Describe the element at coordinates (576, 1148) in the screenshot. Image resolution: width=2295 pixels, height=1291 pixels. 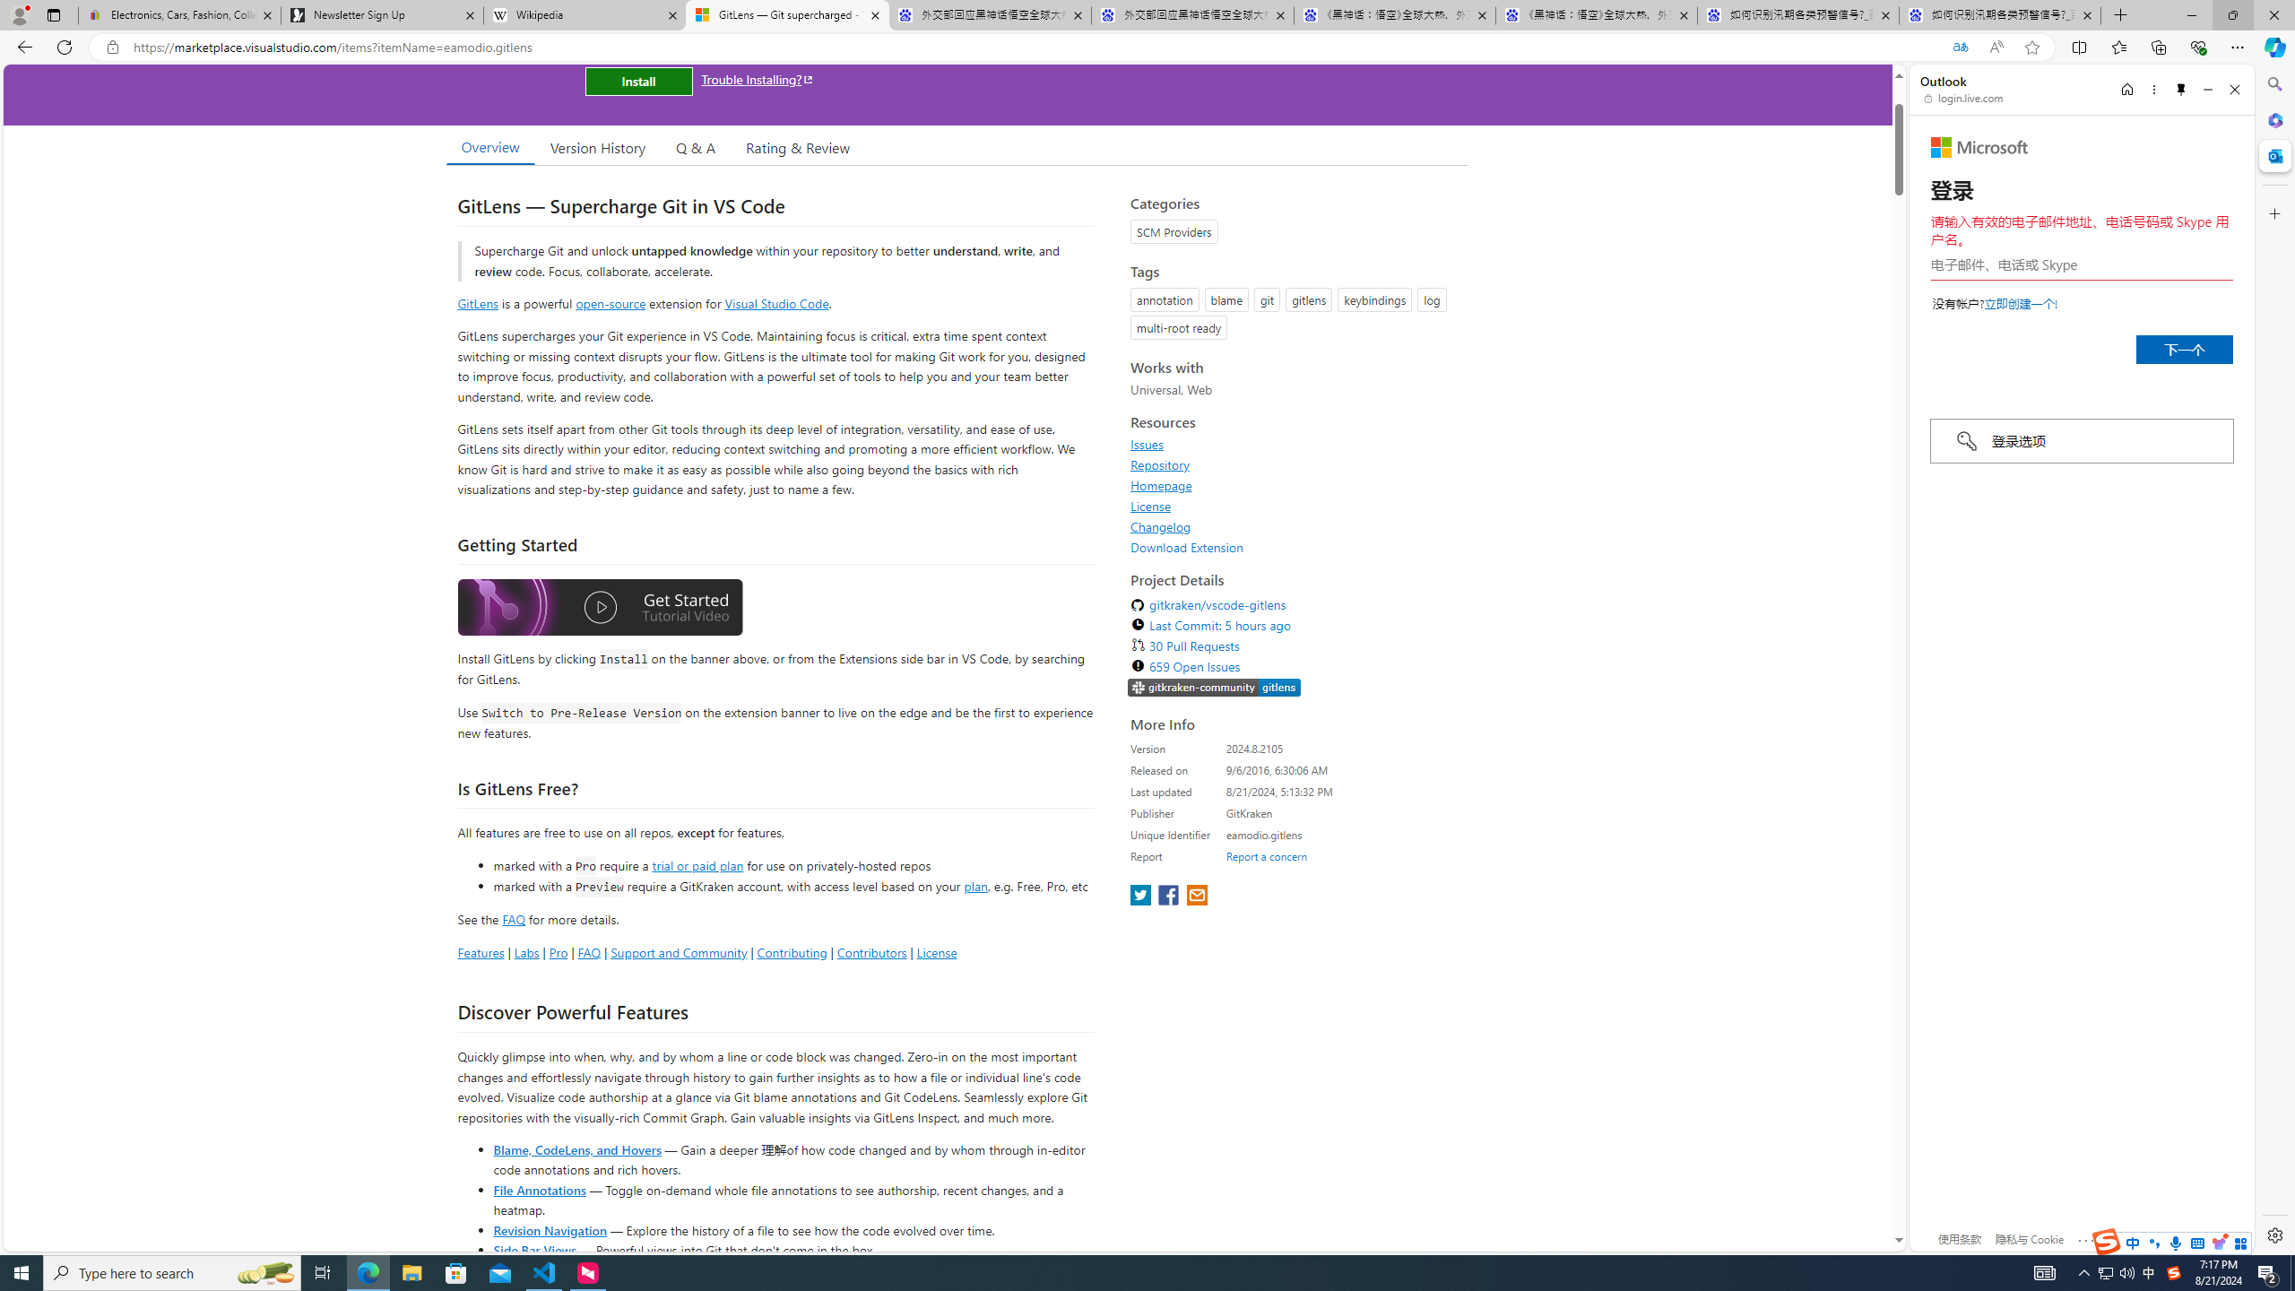
I see `'Blame, CodeLens, and Hovers'` at that location.